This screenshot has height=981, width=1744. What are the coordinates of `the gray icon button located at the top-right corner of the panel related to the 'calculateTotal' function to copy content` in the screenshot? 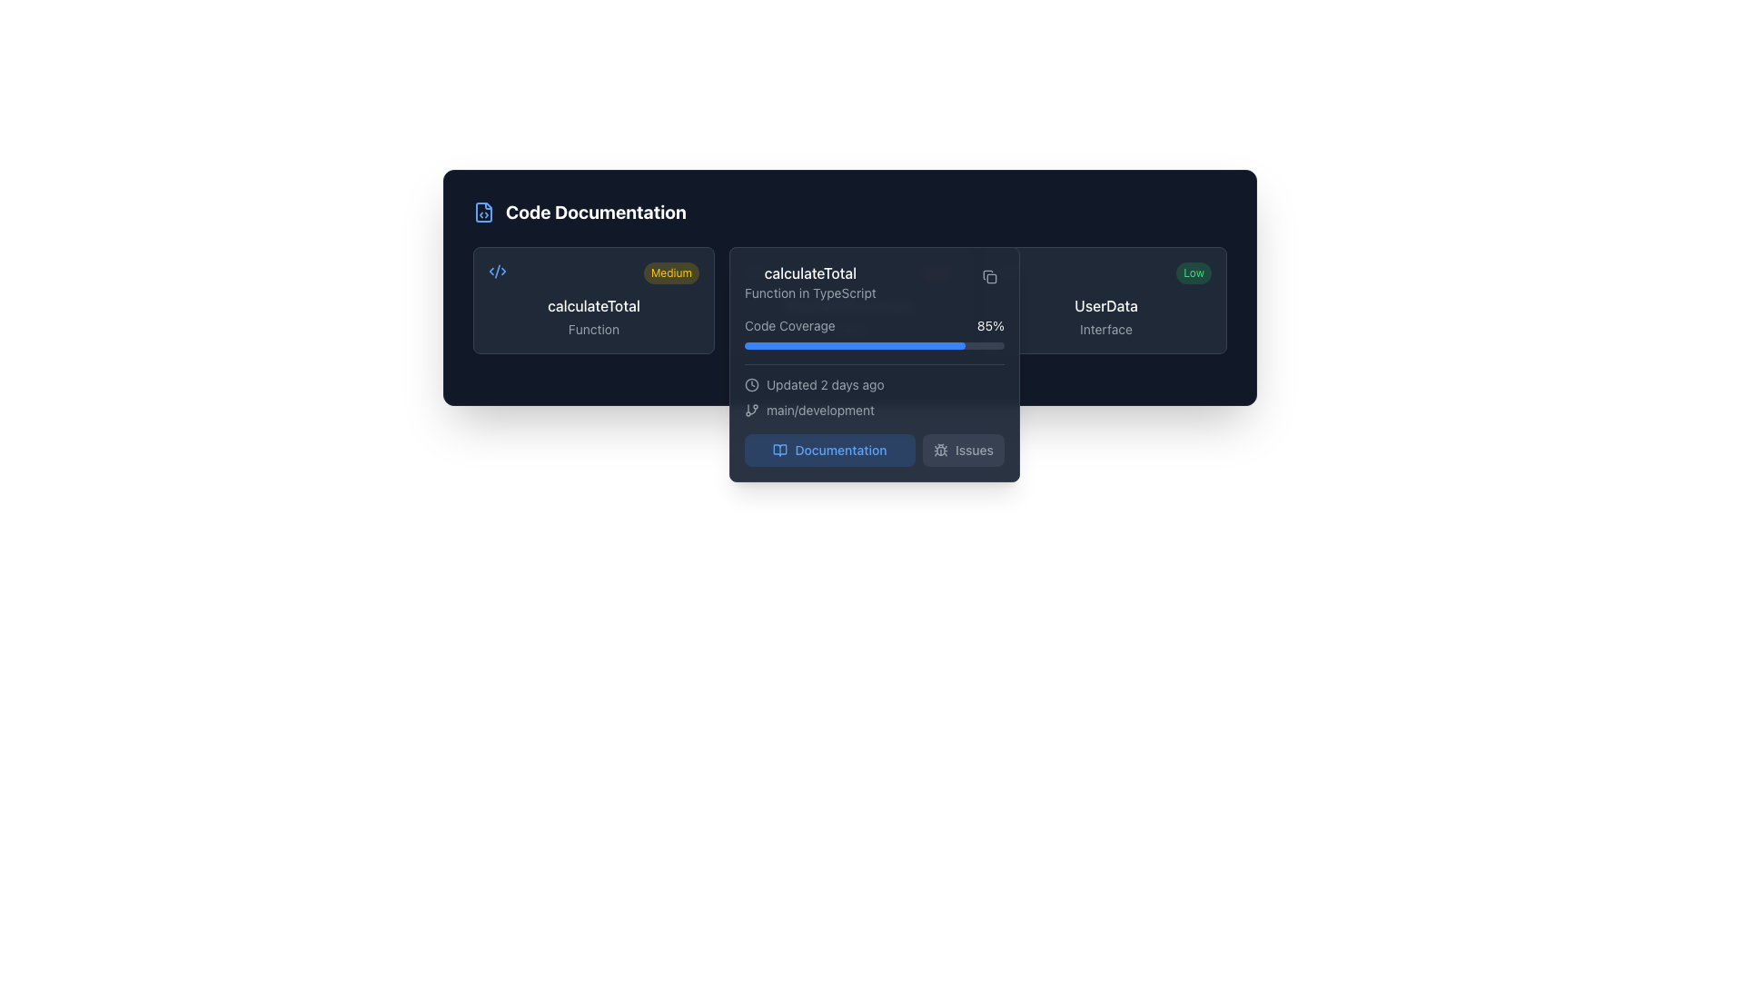 It's located at (988, 276).